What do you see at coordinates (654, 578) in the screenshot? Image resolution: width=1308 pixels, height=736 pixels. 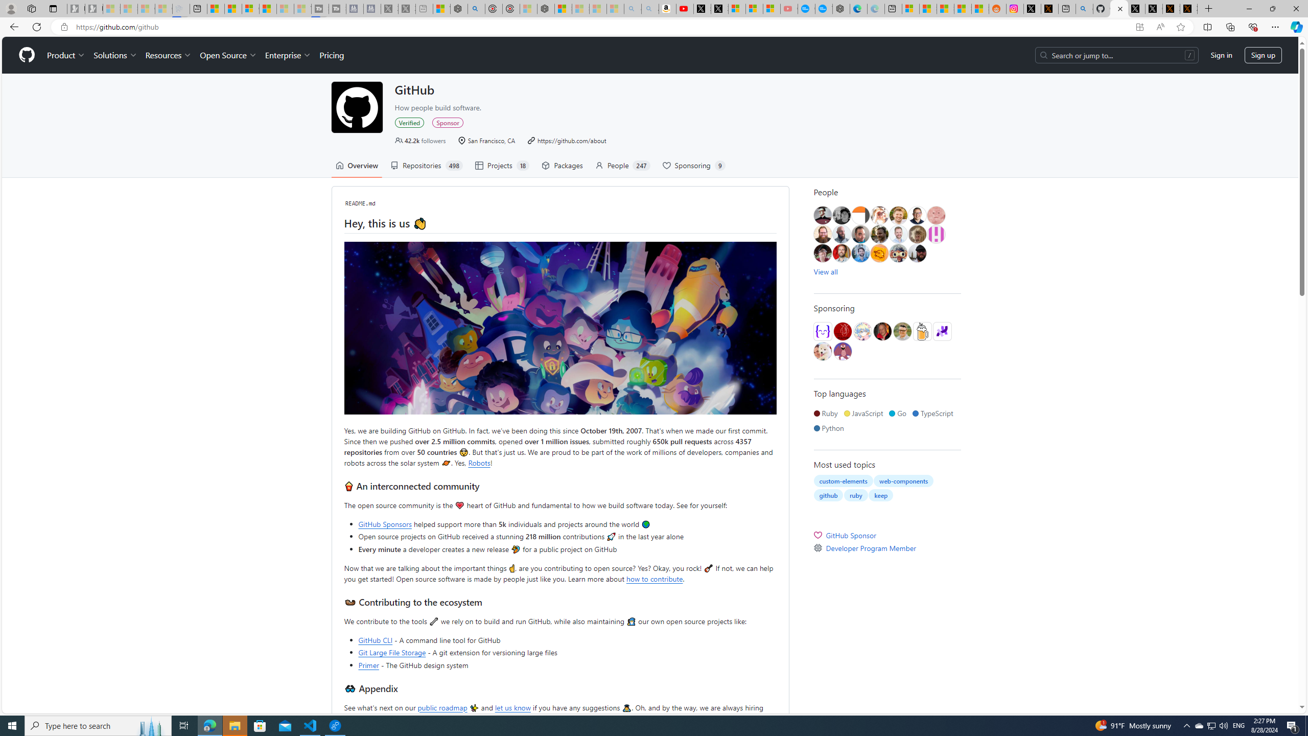 I see `'how to contribute'` at bounding box center [654, 578].